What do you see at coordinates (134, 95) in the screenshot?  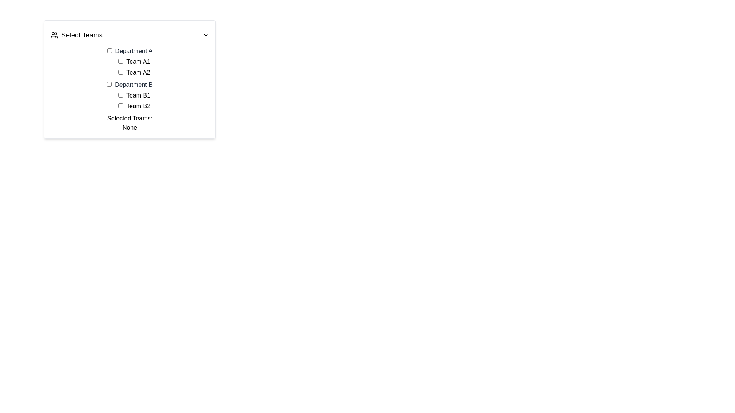 I see `the 'Team B1' checkbox option located under the 'Department B' section` at bounding box center [134, 95].